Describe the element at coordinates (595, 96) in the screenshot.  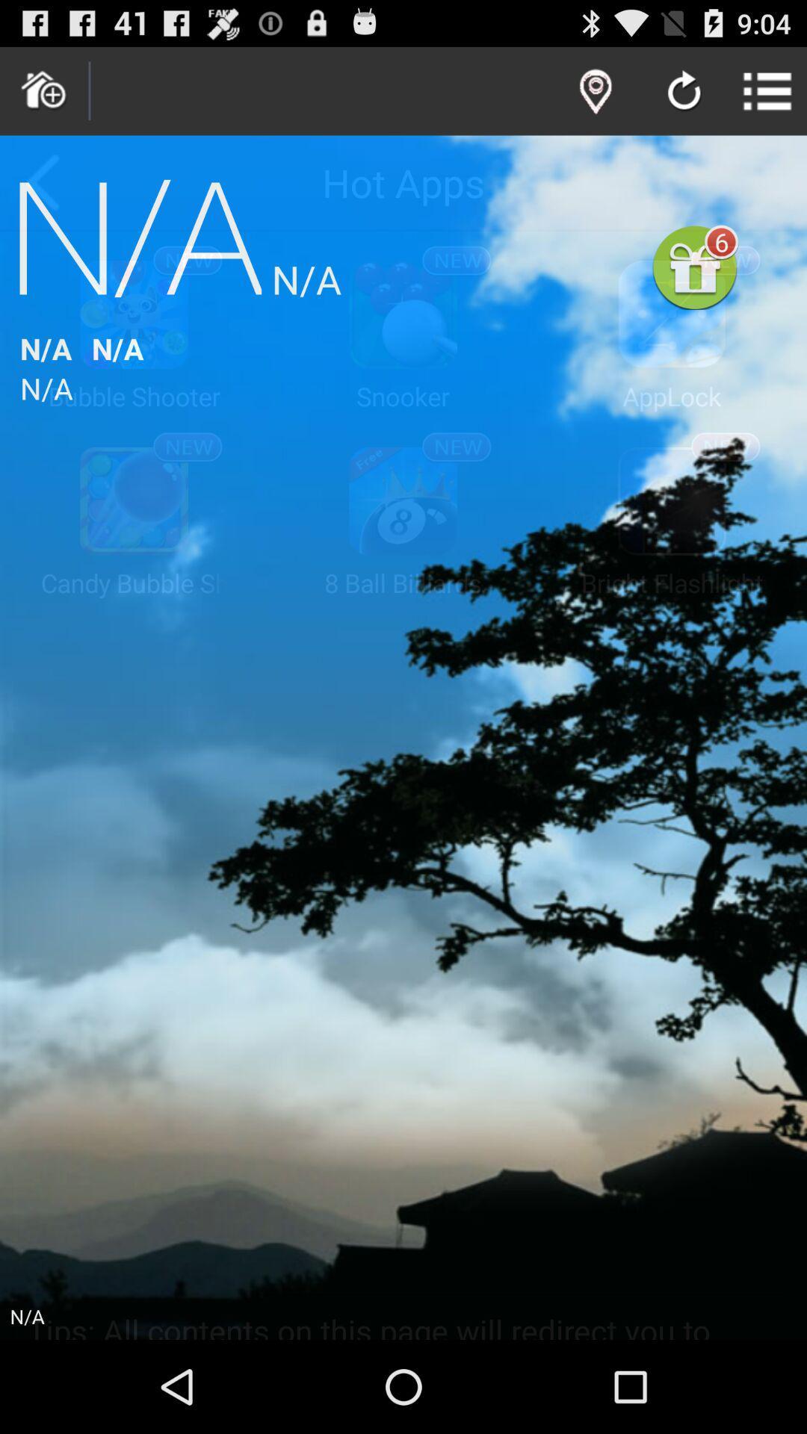
I see `the location icon` at that location.